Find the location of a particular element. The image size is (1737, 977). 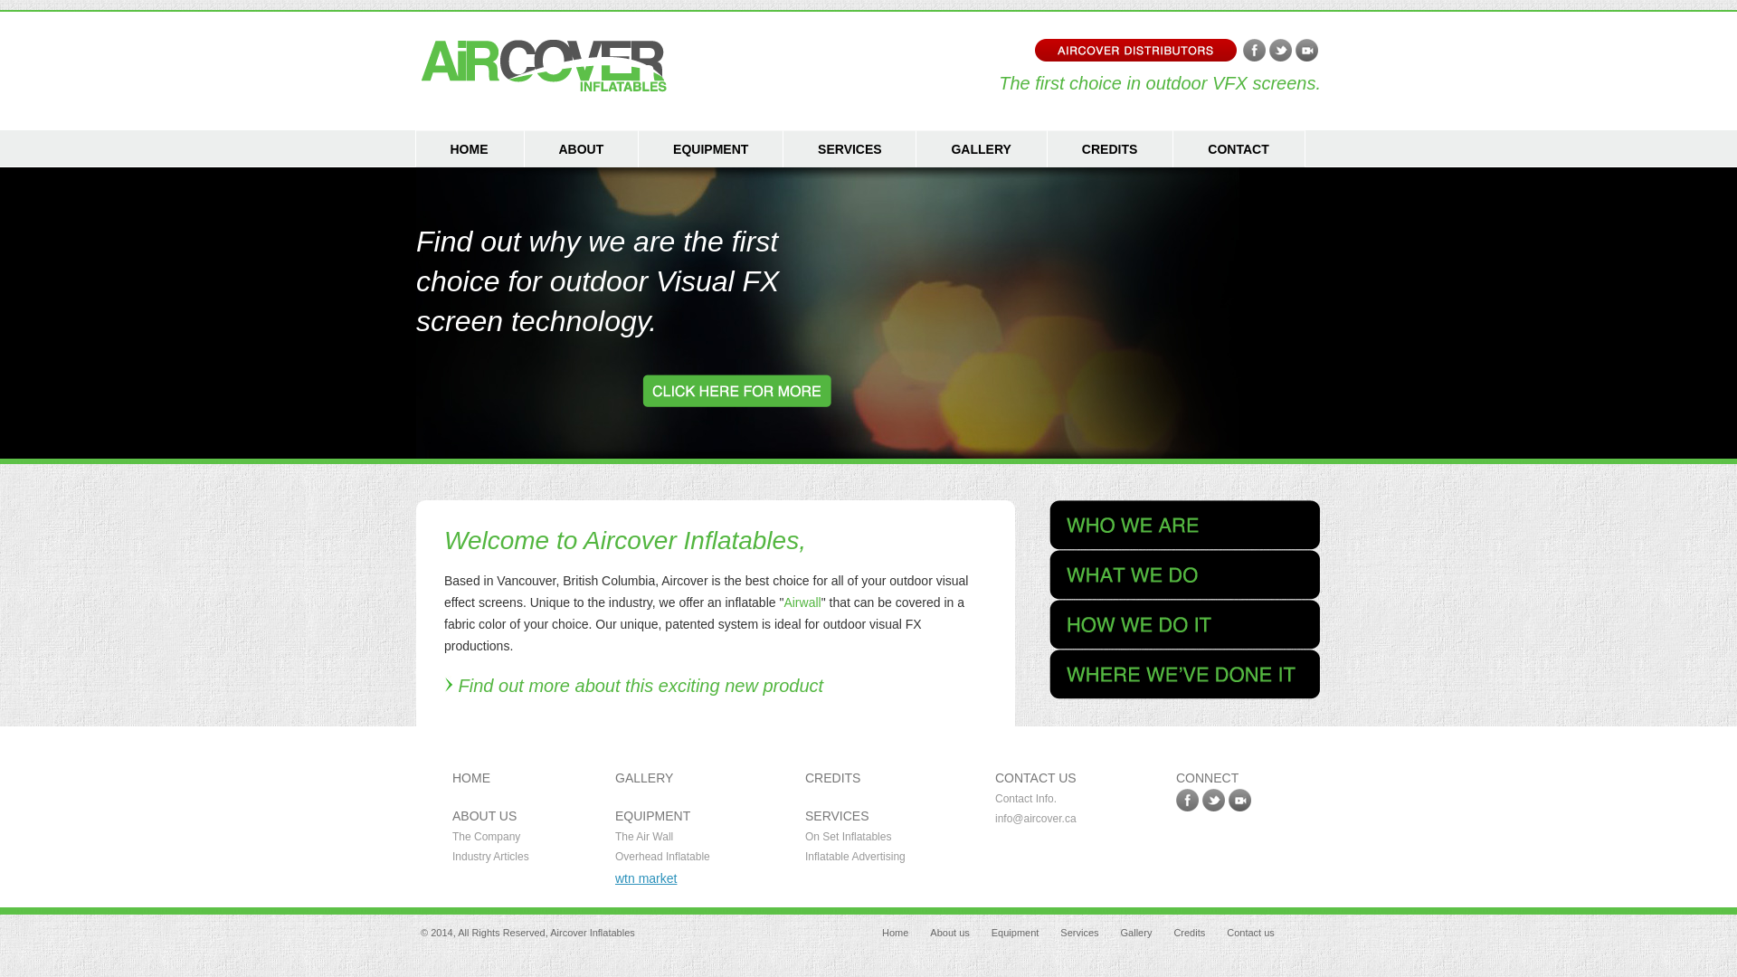

'Inflatable Advertising' is located at coordinates (854, 856).